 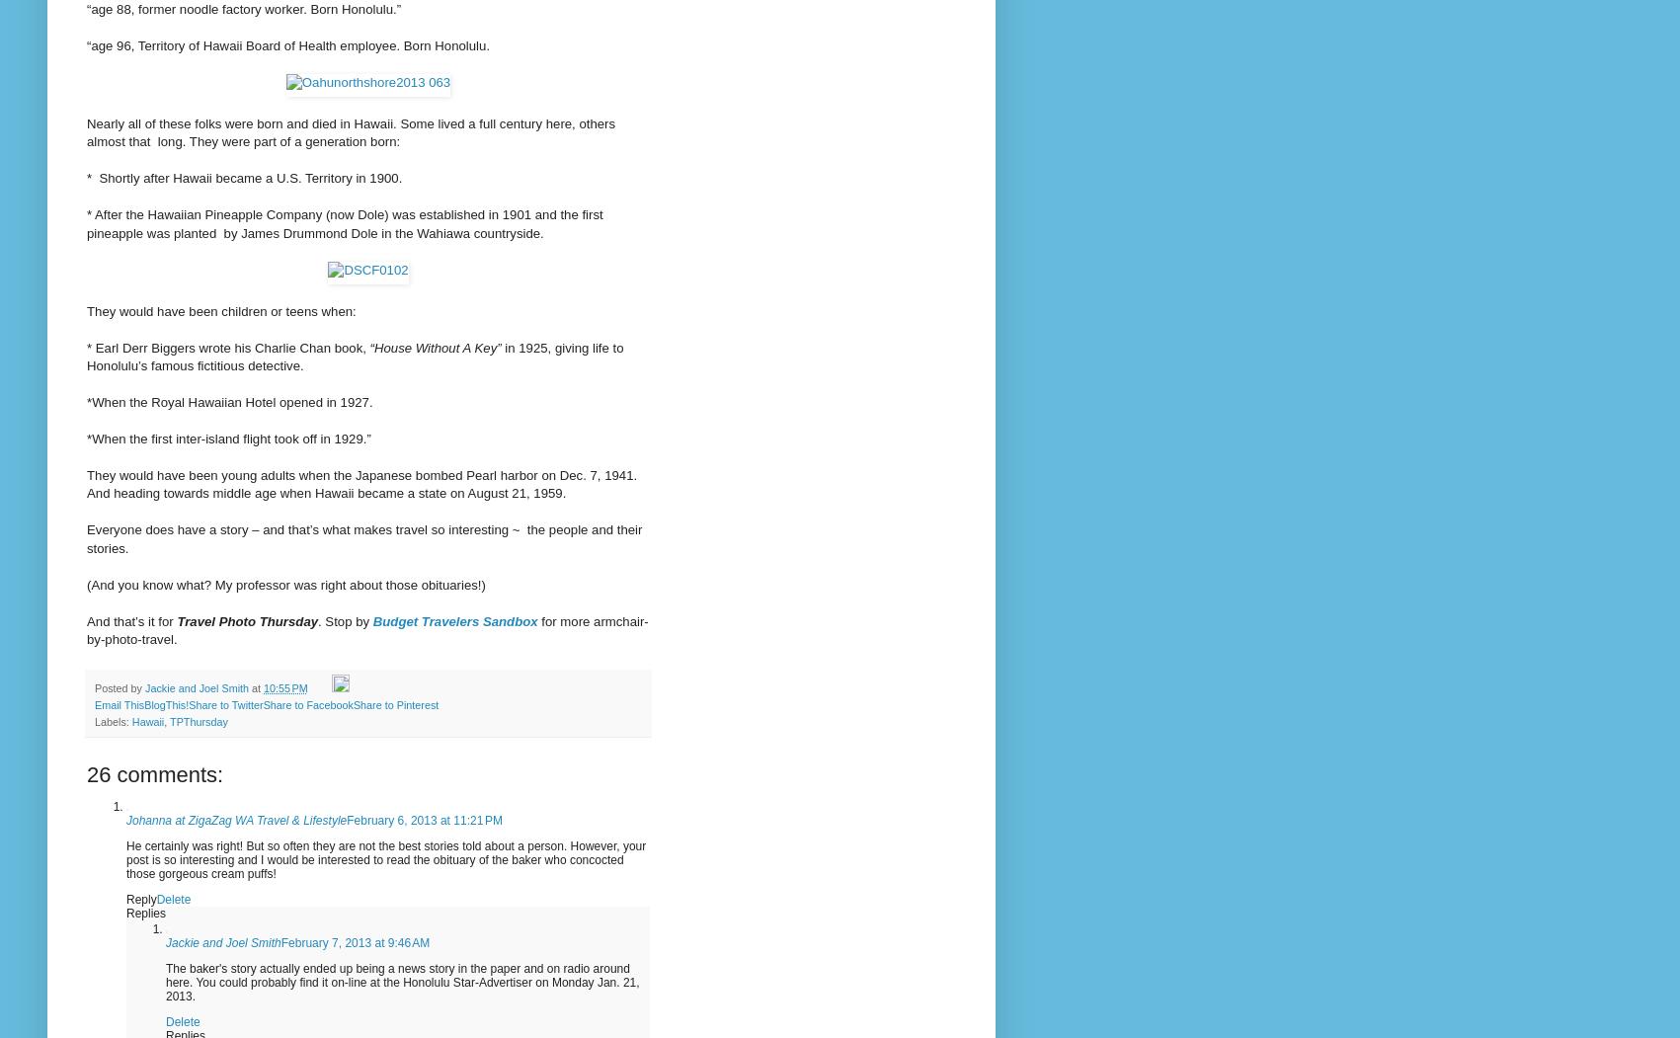 What do you see at coordinates (175, 619) in the screenshot?
I see `'Travel Photo Thursday'` at bounding box center [175, 619].